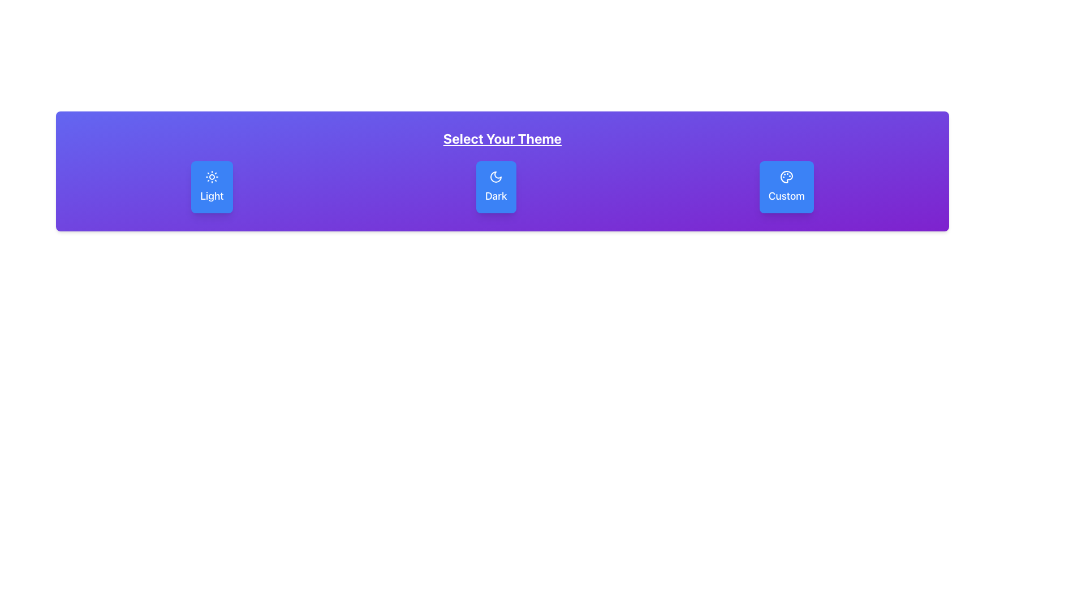  Describe the element at coordinates (496, 177) in the screenshot. I see `the 'Dark' theme icon in the theme selection interface, which is centrally located between the 'Light' and 'Custom' theme buttons` at that location.